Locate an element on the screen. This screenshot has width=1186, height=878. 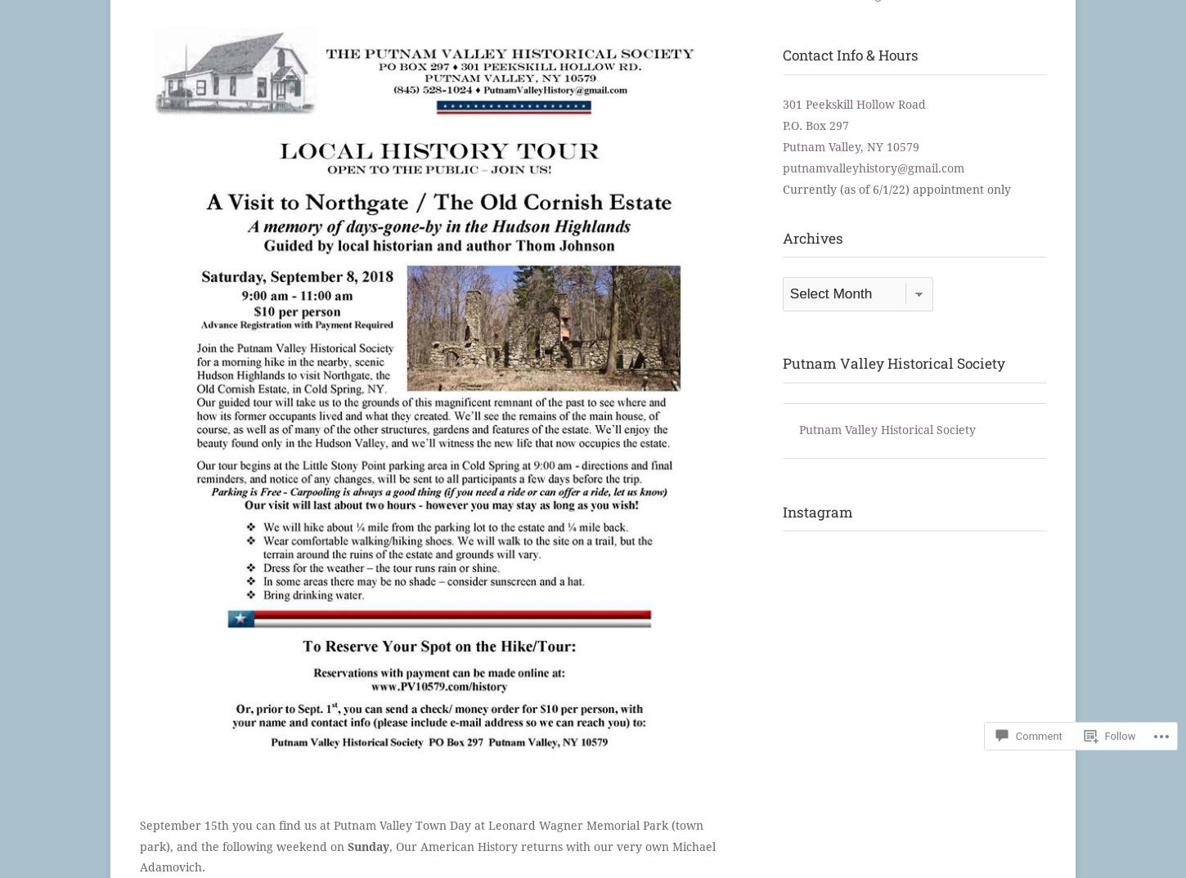
'putnamvalleyhistory@gmail.com' is located at coordinates (780, 168).